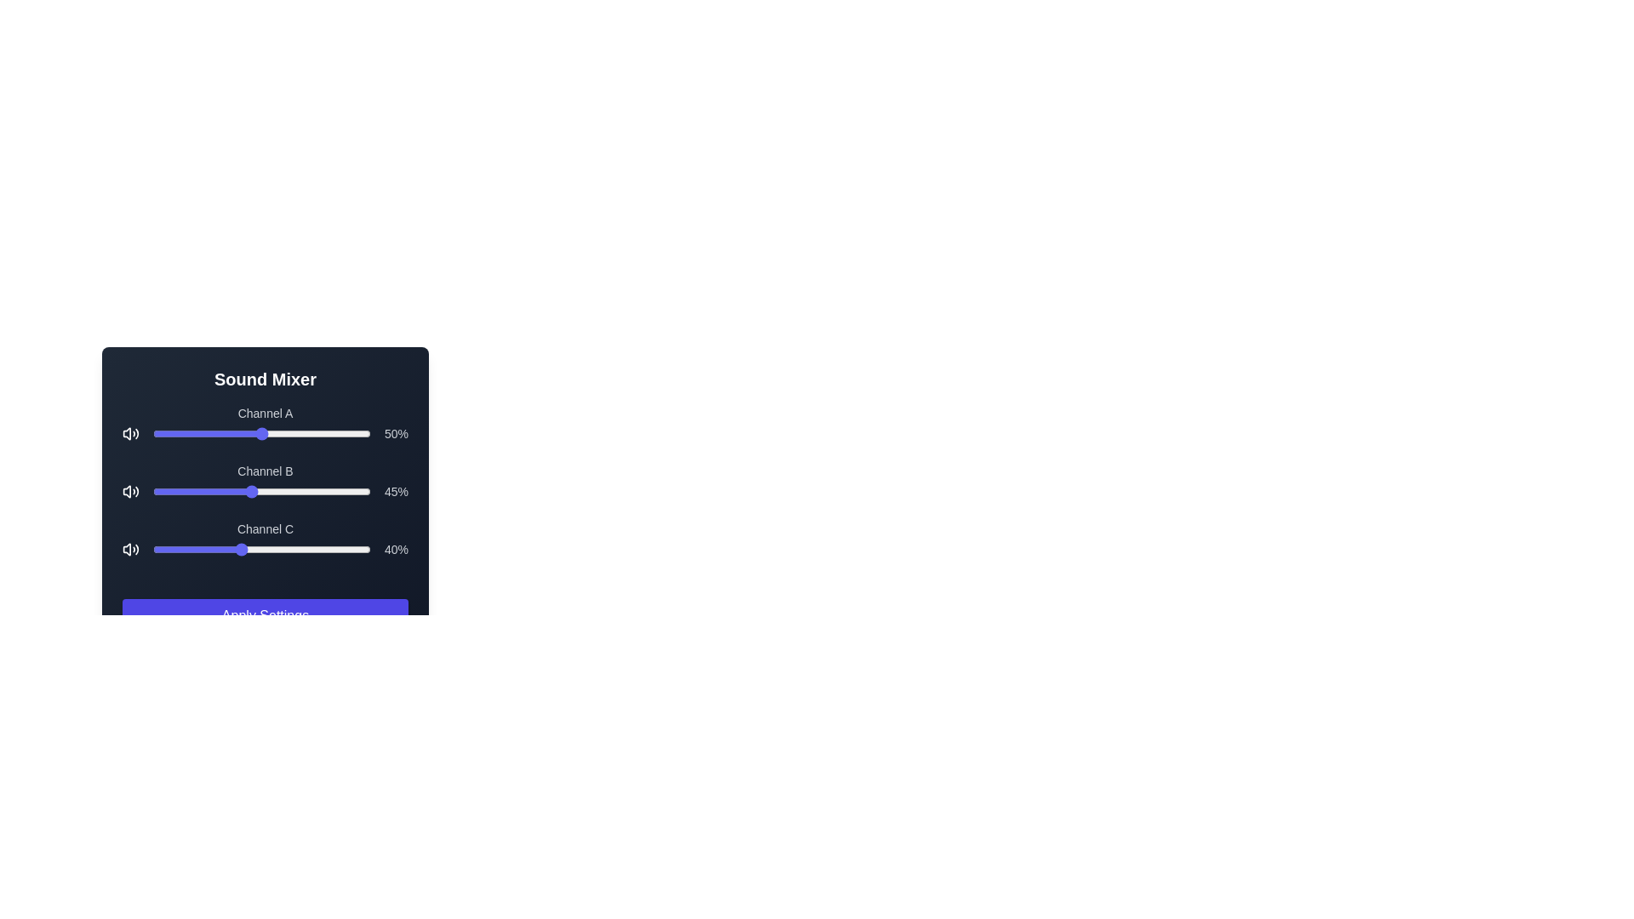  I want to click on the Channel B volume, so click(239, 492).